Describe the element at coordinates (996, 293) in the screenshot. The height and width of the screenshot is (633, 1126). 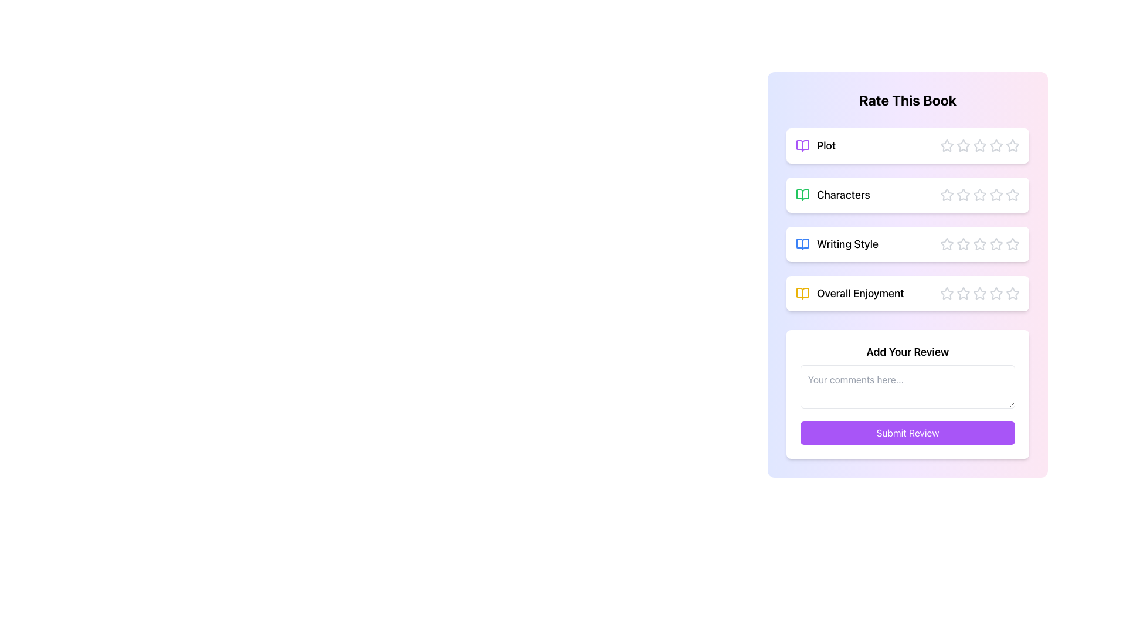
I see `the sixth star icon in the 'Overall Enjoyment' section` at that location.